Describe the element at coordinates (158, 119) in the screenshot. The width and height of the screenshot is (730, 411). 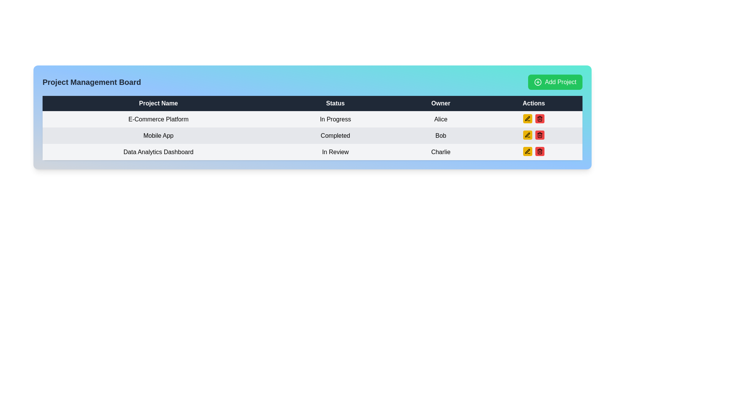
I see `the text label 'E-Commerce Platform' styled with padding in a light gray background, located in the first row under the 'Project Name' column in the table interface` at that location.